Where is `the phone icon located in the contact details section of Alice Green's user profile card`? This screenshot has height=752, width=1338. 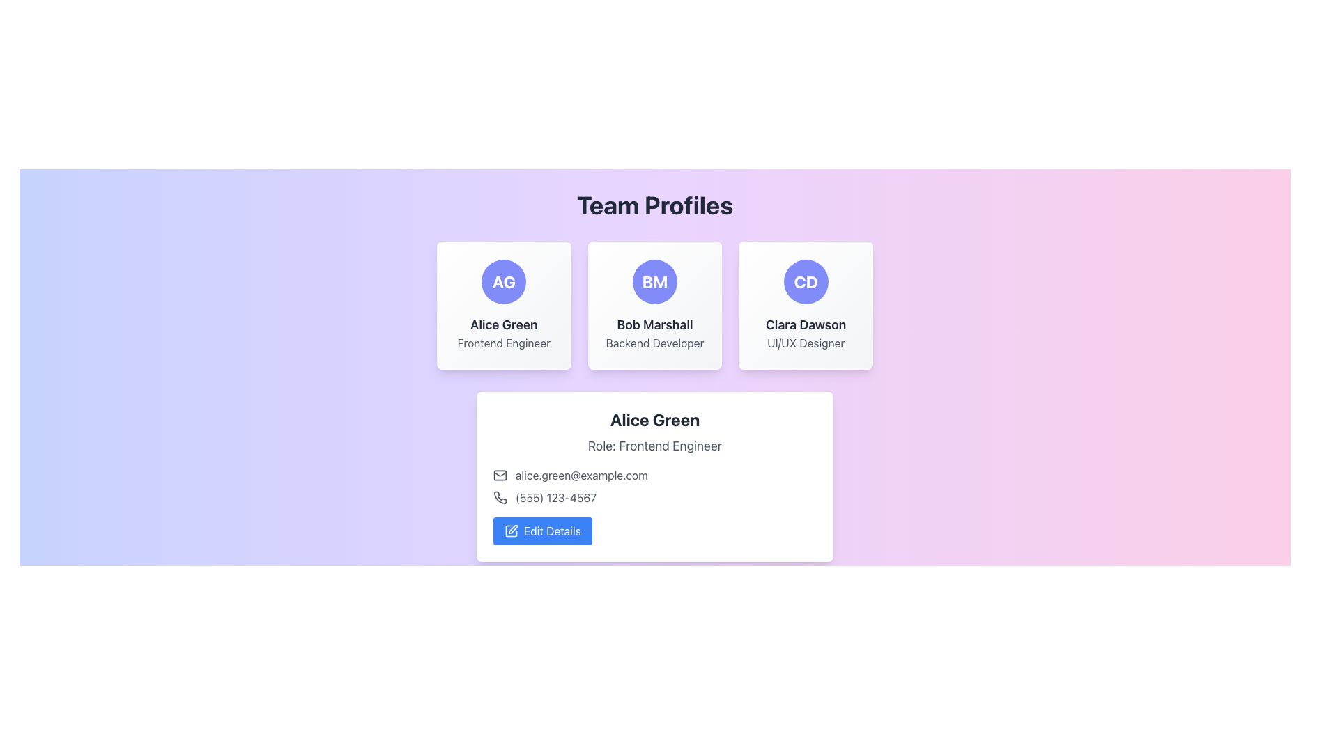
the phone icon located in the contact details section of Alice Green's user profile card is located at coordinates (500, 496).